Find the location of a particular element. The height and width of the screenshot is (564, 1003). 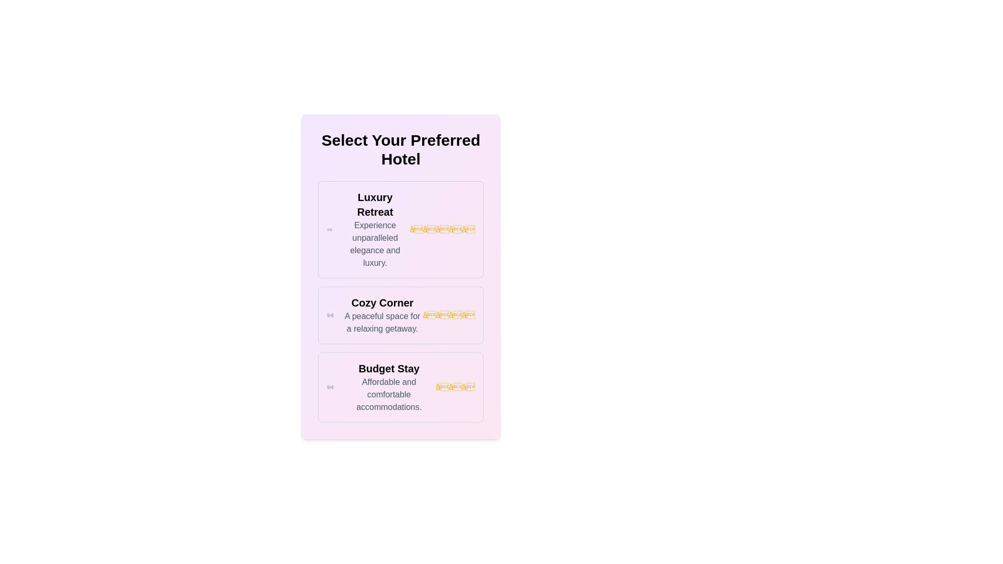

the Static Text Label that serves as the title for the hotel detail section, positioned at the upper-left corner of the box containing hotel details is located at coordinates (375, 205).